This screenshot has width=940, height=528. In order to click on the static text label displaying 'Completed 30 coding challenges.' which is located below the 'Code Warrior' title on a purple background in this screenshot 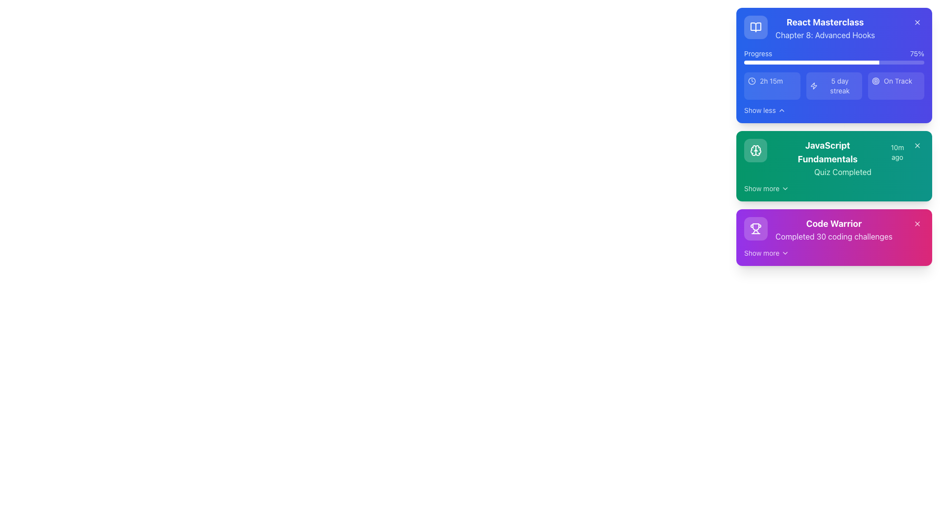, I will do `click(833, 236)`.